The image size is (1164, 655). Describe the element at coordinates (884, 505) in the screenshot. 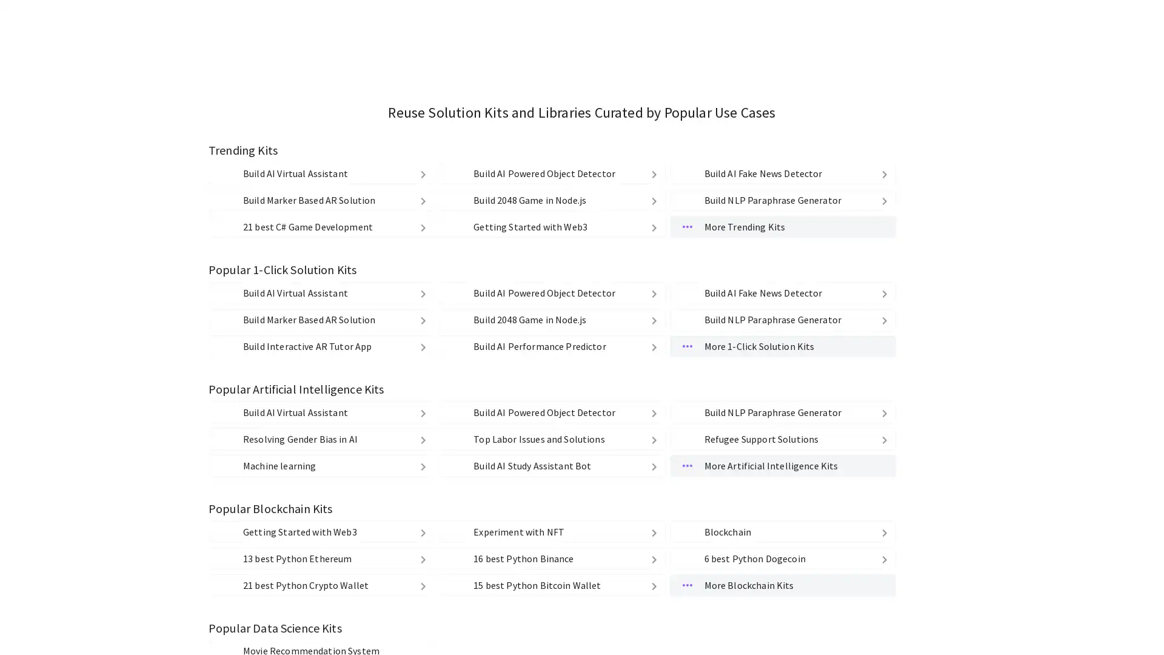

I see `delete` at that location.